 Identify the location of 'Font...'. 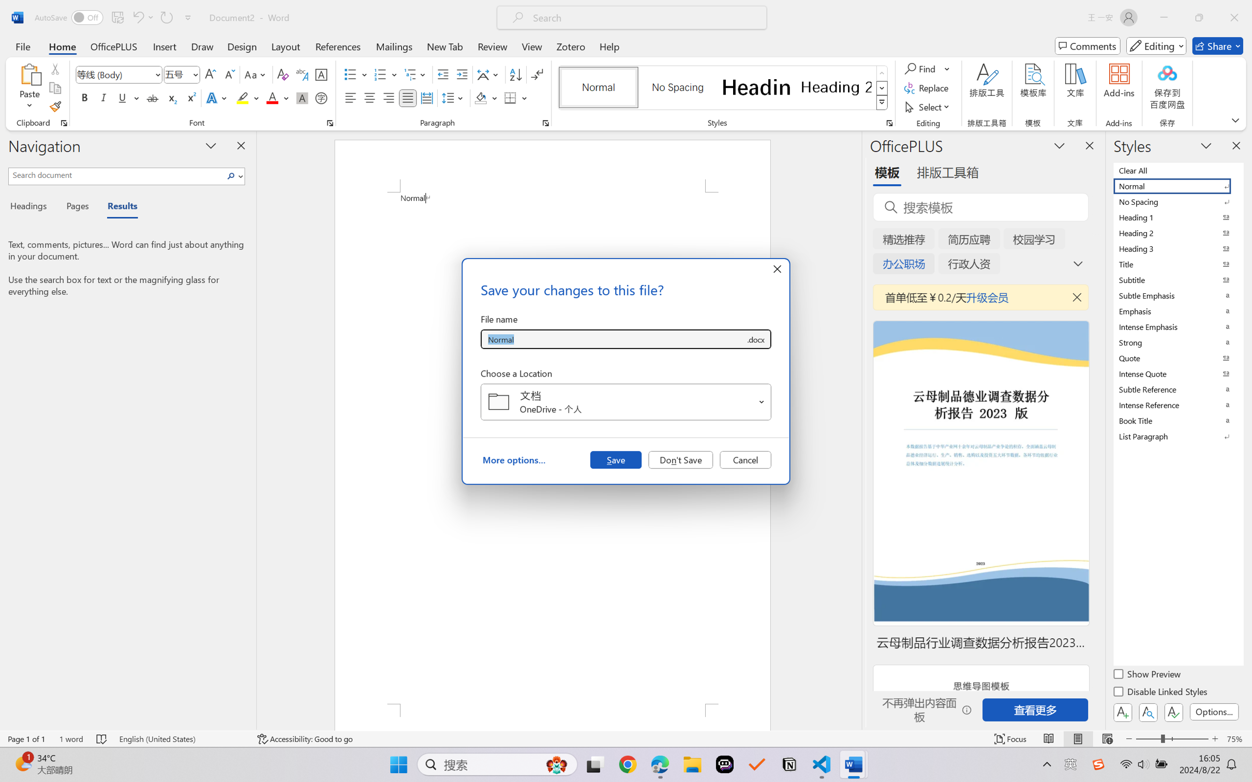
(330, 123).